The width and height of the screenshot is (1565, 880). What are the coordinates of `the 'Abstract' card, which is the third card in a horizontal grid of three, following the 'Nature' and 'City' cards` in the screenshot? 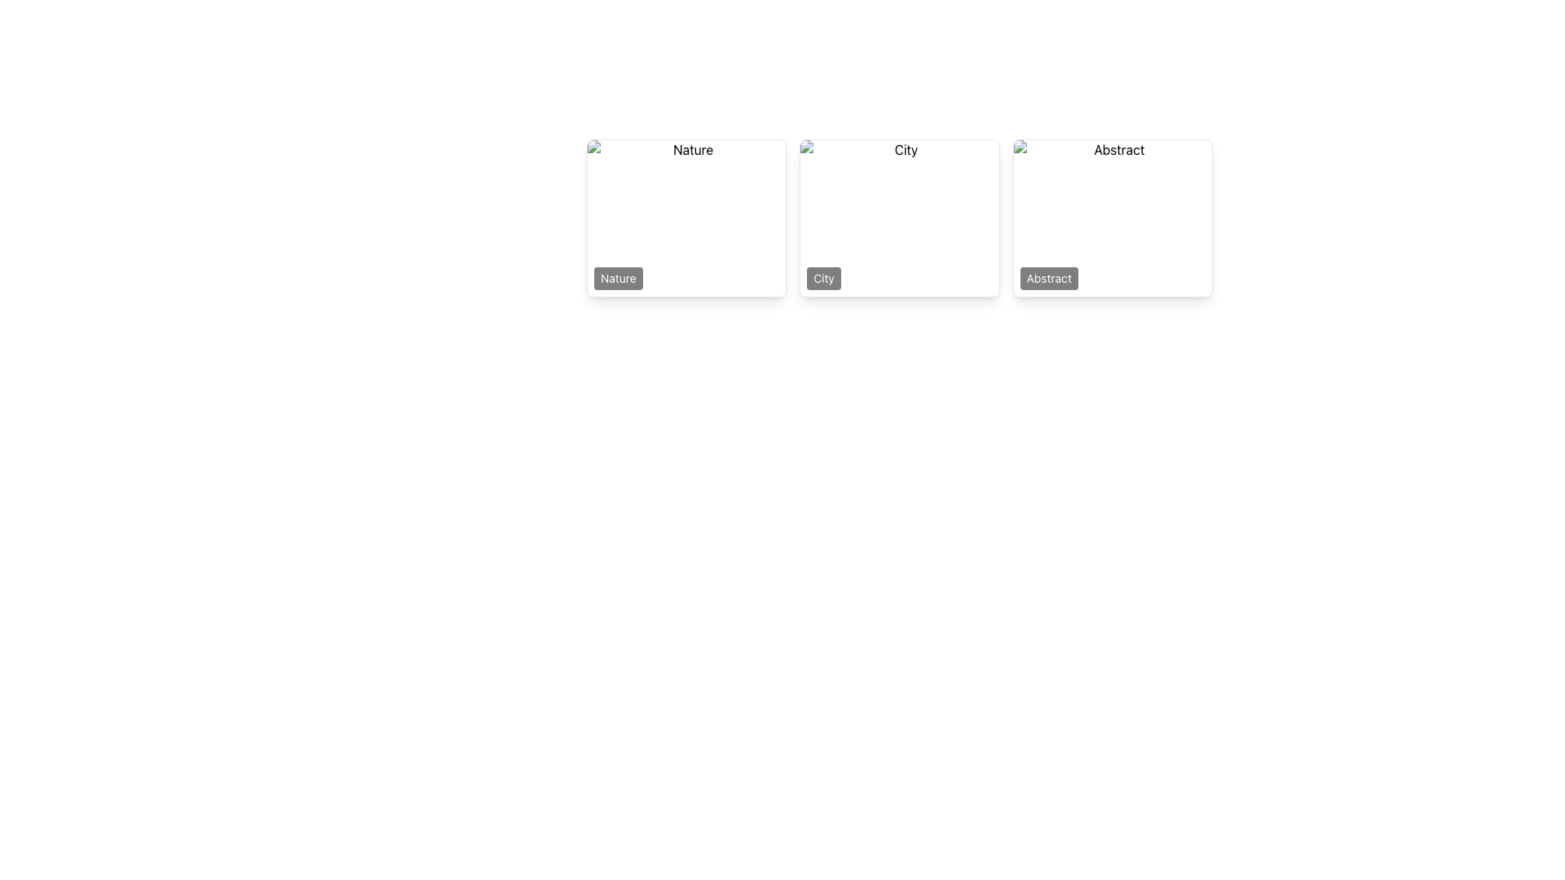 It's located at (1112, 217).